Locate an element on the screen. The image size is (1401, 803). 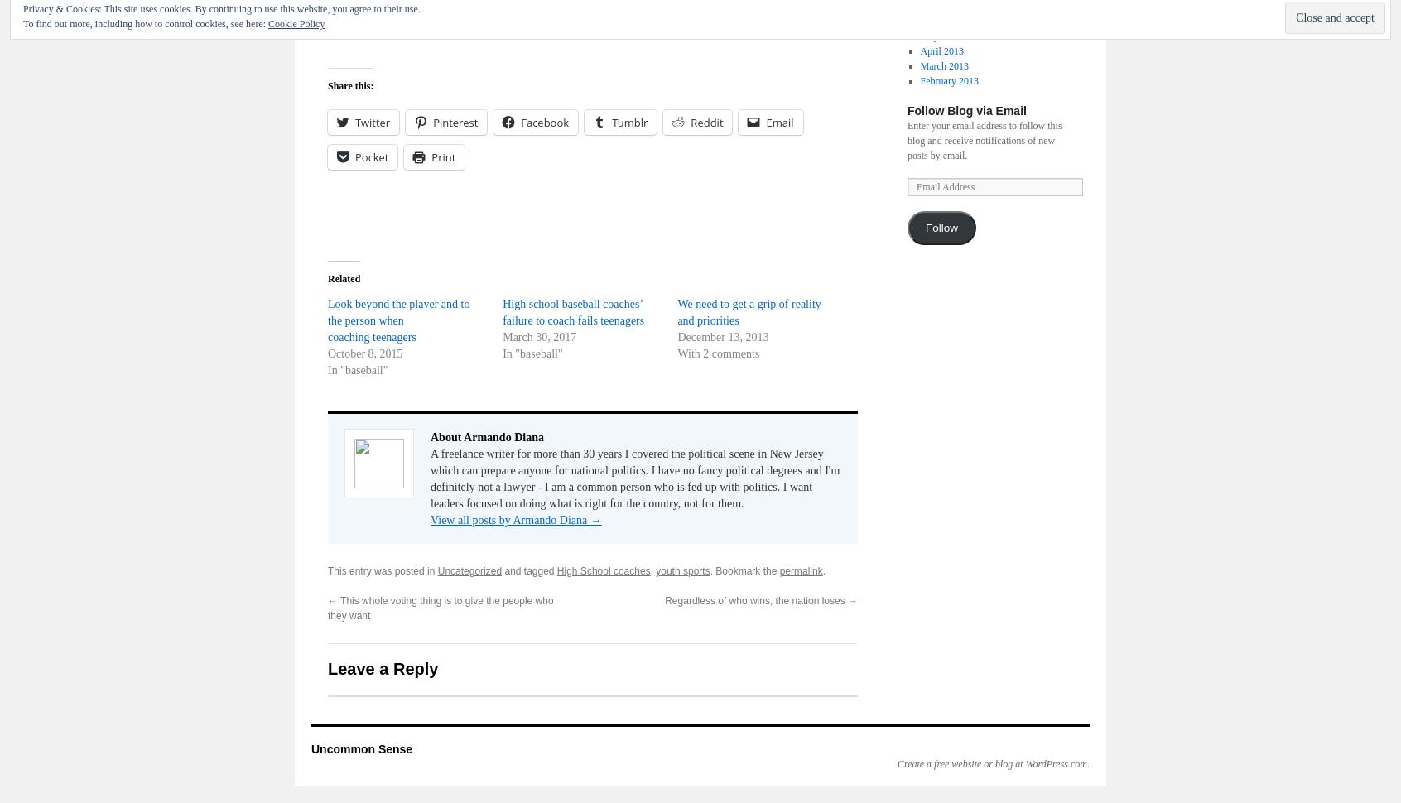
'Leave a Reply' is located at coordinates (382, 669).